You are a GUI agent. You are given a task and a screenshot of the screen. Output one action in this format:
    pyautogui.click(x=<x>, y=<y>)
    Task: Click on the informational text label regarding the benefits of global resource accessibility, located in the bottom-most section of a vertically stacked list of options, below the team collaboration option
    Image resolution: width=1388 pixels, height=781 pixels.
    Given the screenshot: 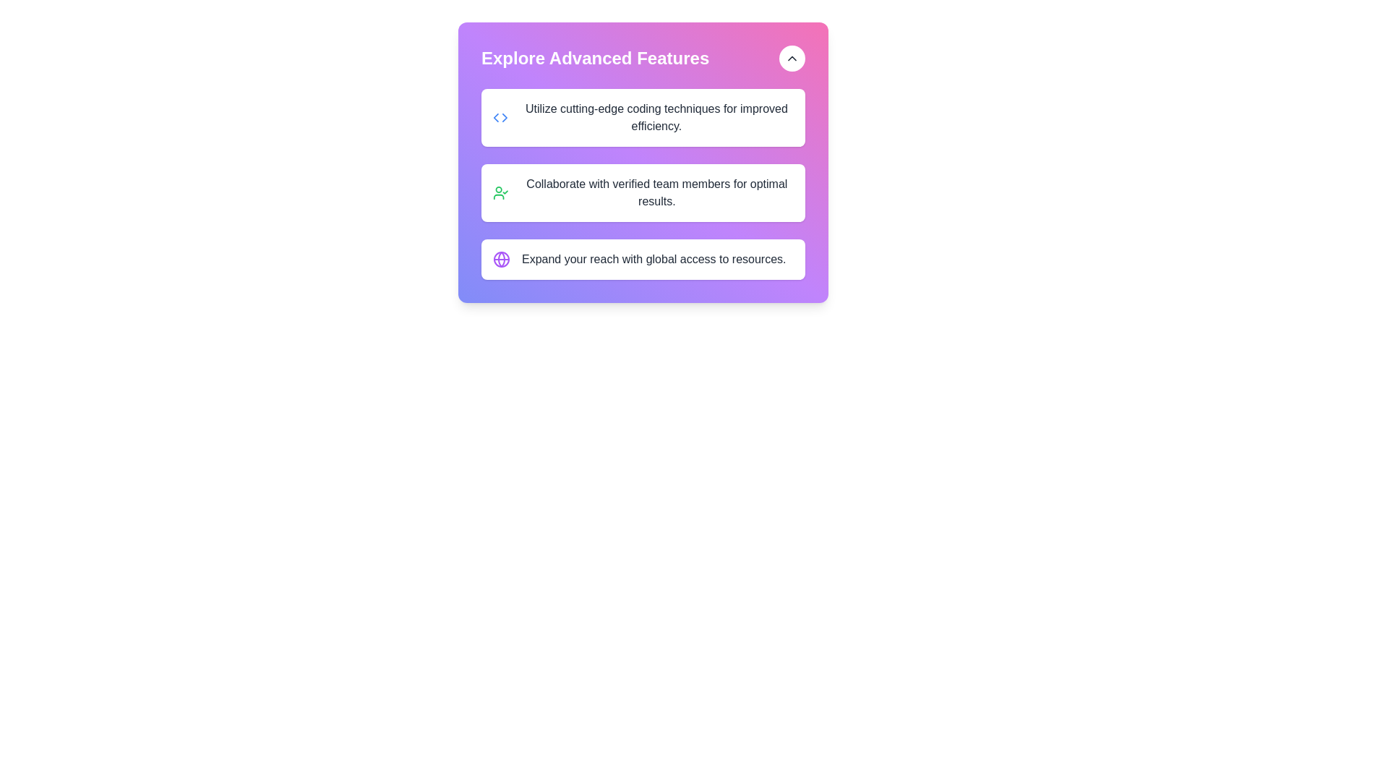 What is the action you would take?
    pyautogui.click(x=653, y=258)
    